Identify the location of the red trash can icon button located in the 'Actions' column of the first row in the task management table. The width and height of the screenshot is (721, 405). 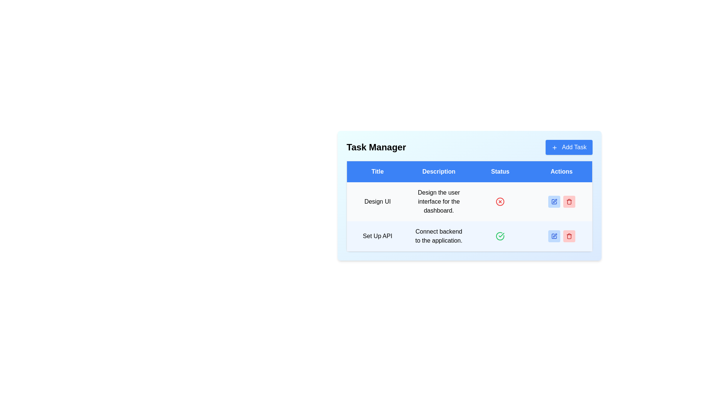
(569, 201).